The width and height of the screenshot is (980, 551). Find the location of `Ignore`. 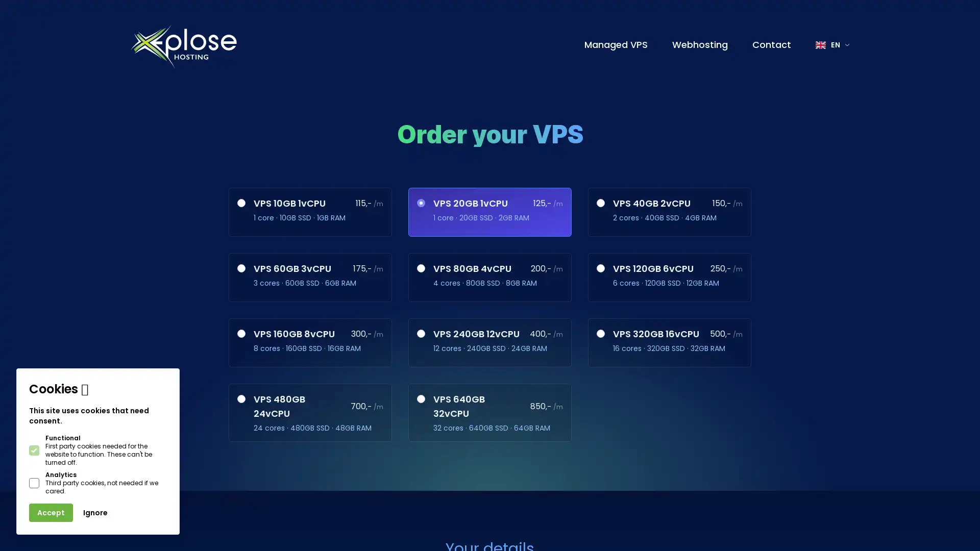

Ignore is located at coordinates (95, 513).